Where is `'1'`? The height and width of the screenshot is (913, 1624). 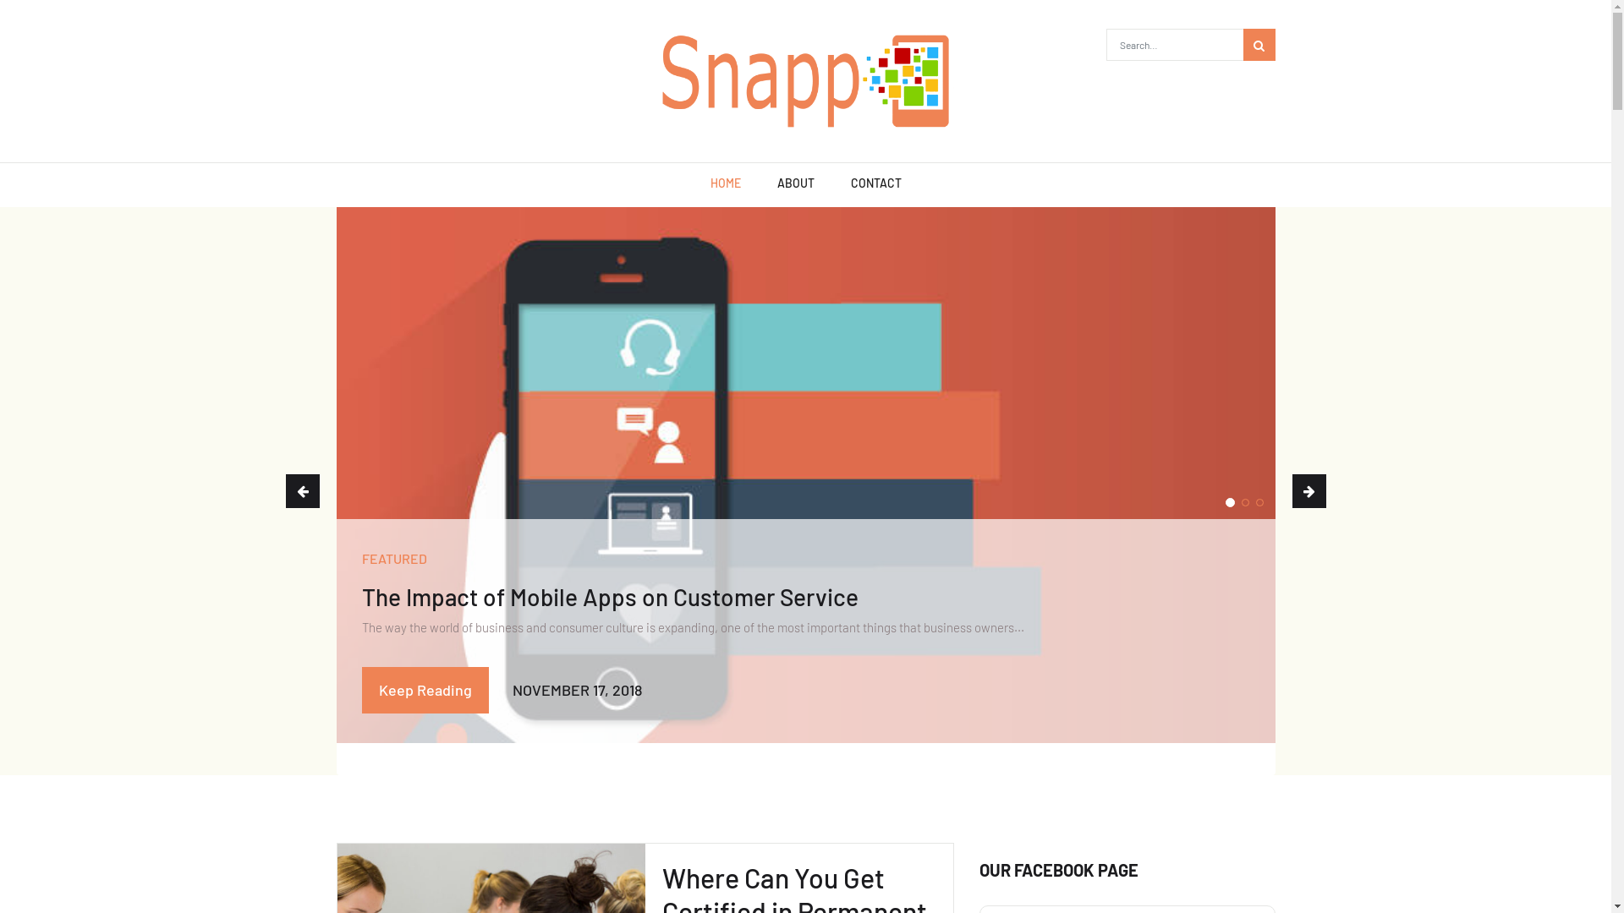
'1' is located at coordinates (1229, 501).